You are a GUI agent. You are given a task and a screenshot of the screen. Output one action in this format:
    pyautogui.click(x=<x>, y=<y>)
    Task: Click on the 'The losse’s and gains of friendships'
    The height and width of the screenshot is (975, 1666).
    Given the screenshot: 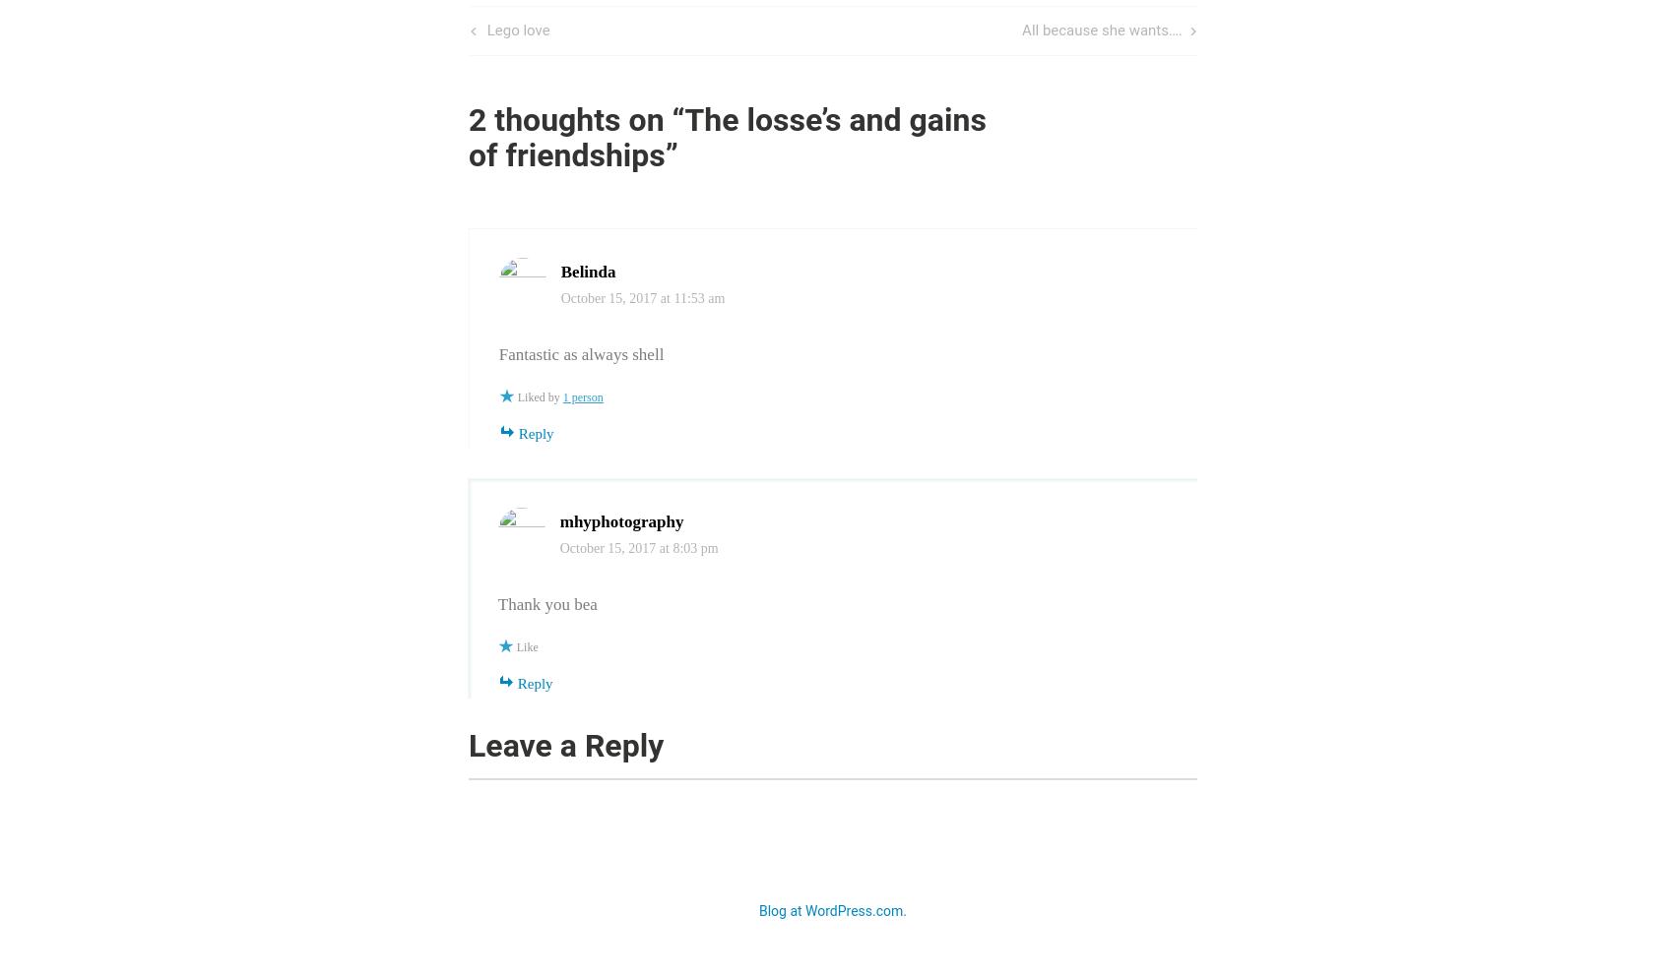 What is the action you would take?
    pyautogui.click(x=726, y=137)
    